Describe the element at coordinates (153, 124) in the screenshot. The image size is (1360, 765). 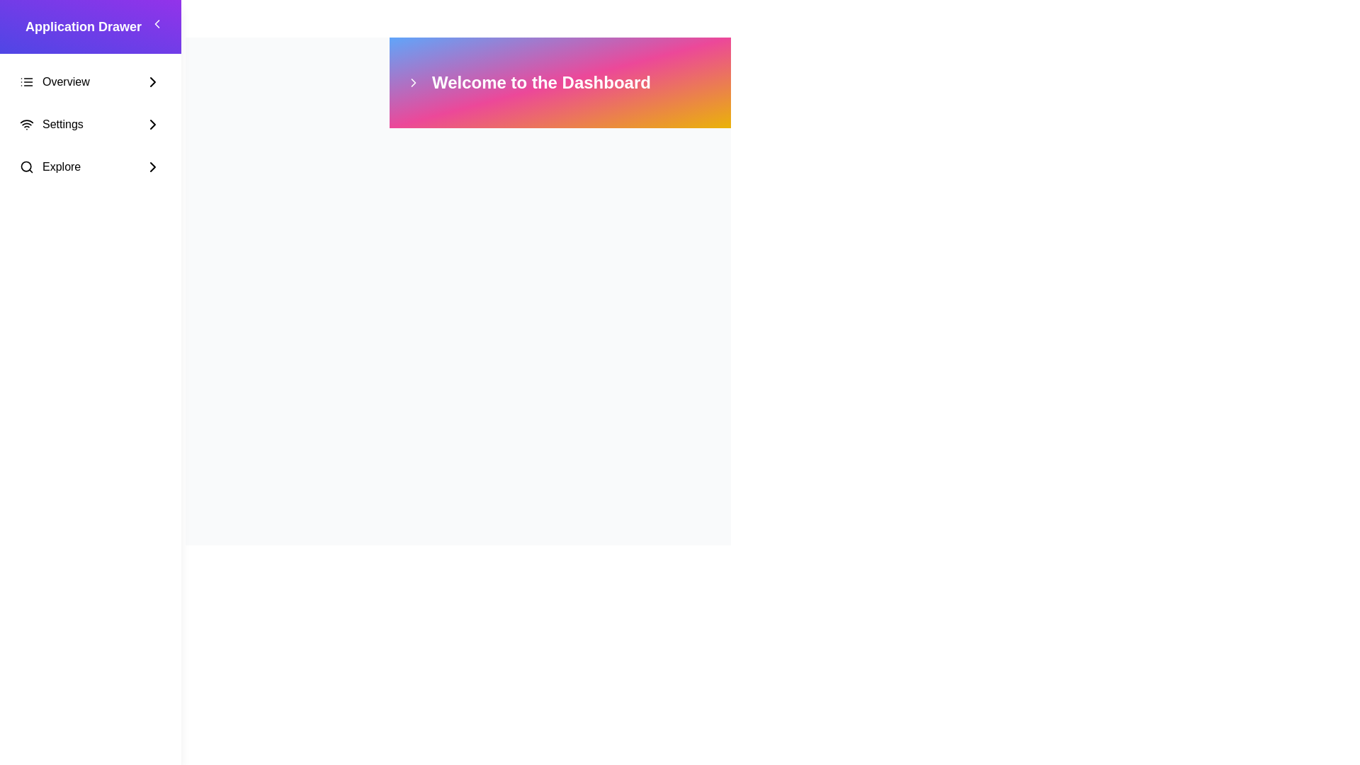
I see `the chevron icon pointing to the right, which is located adjacent to the 'Settings' label in the application drawer` at that location.